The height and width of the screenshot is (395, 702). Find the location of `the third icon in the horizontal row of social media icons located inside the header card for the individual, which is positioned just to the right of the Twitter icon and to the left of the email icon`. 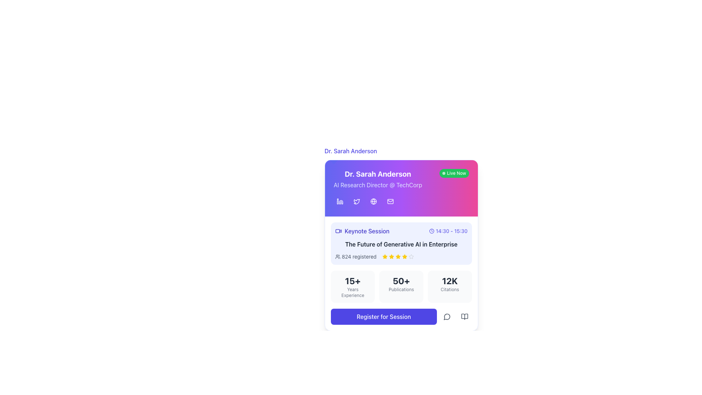

the third icon in the horizontal row of social media icons located inside the header card for the individual, which is positioned just to the right of the Twitter icon and to the left of the email icon is located at coordinates (373, 202).